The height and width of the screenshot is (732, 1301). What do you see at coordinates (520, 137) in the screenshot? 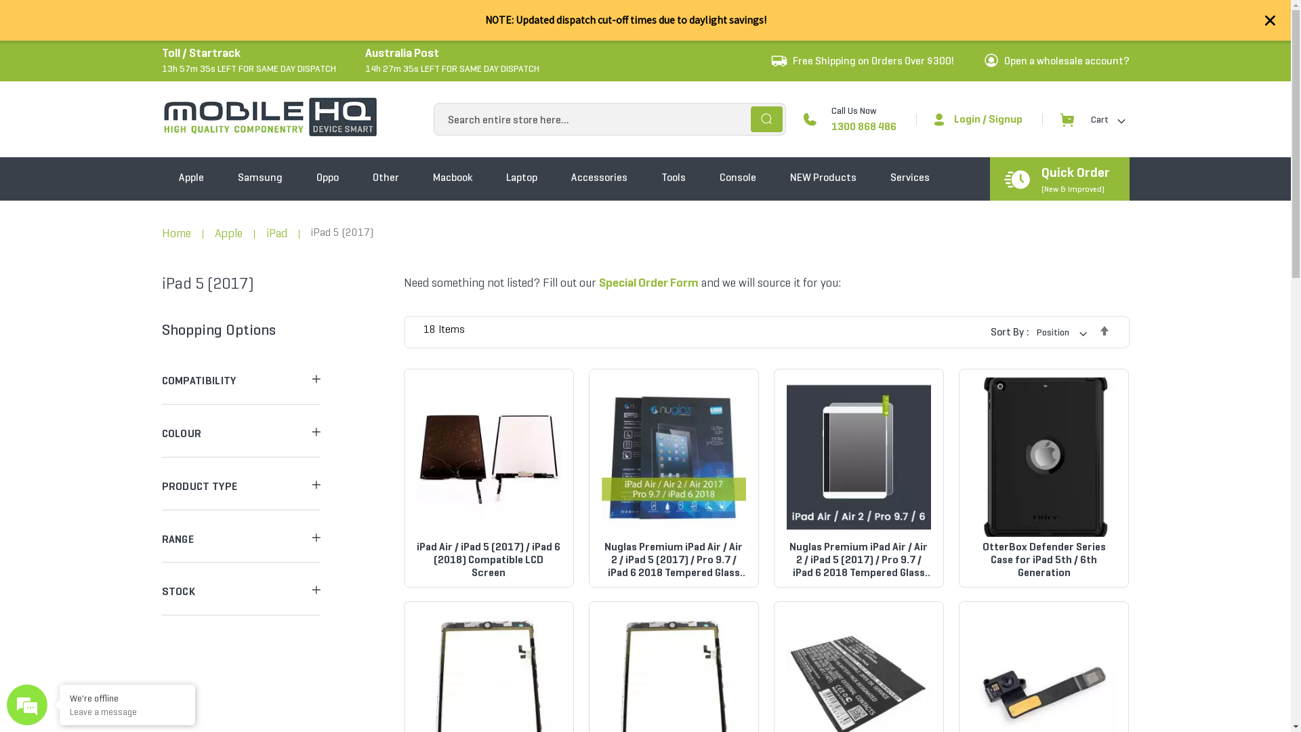
I see `'Laptop'` at bounding box center [520, 137].